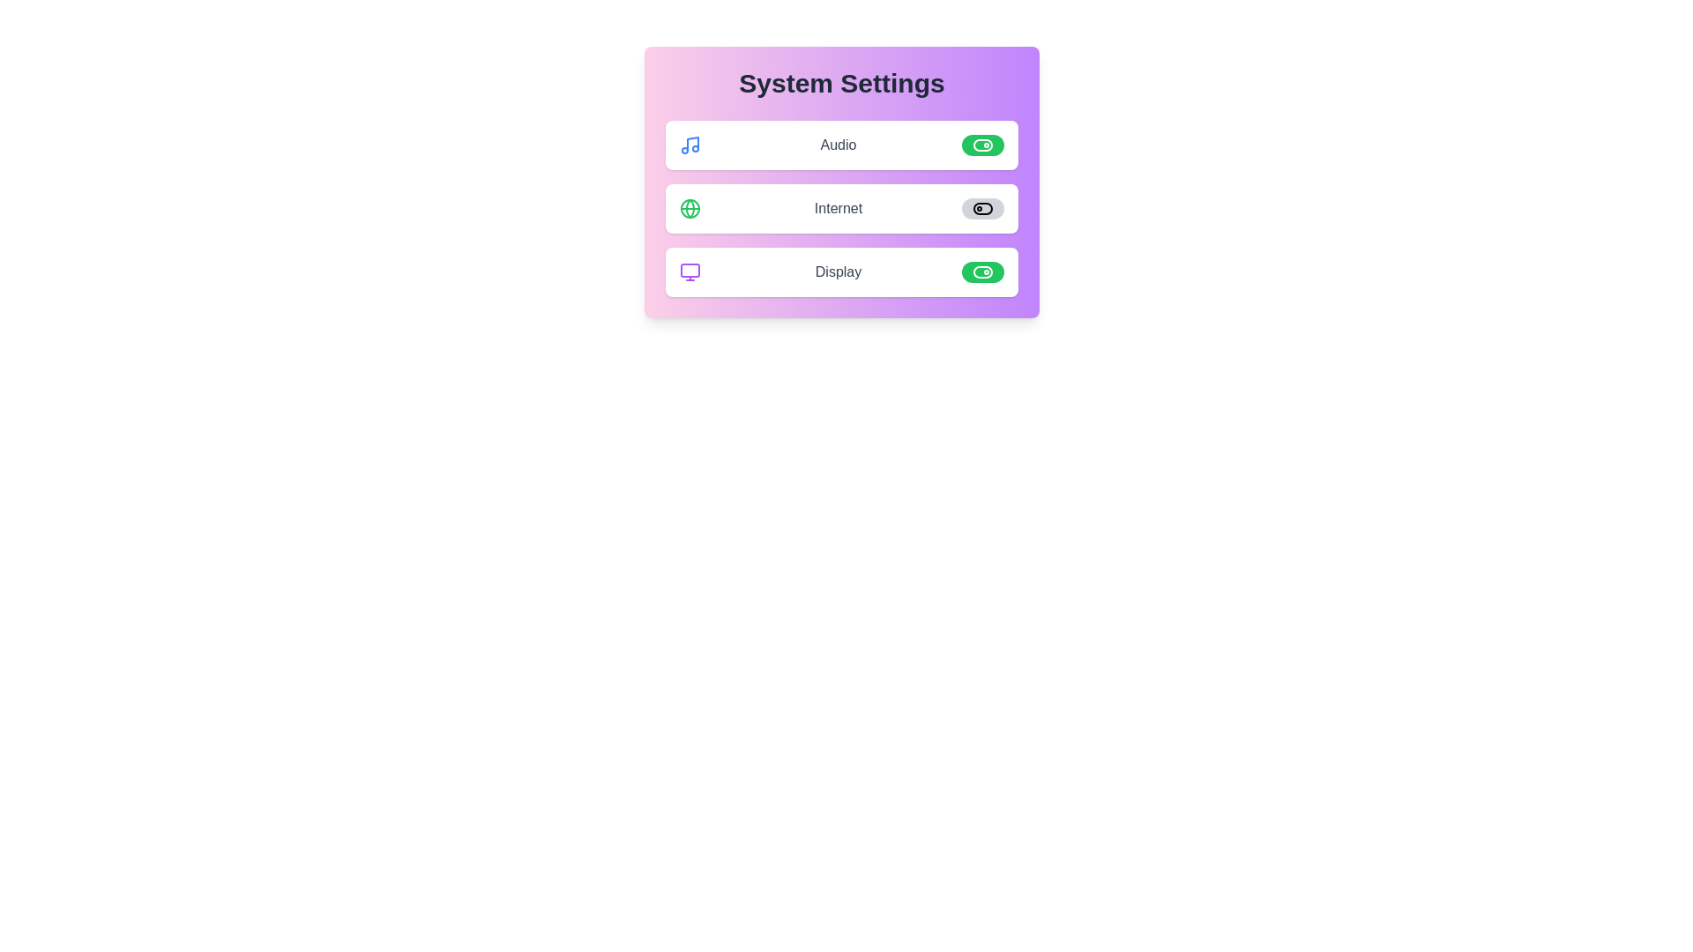 Image resolution: width=1693 pixels, height=952 pixels. What do you see at coordinates (981, 145) in the screenshot?
I see `the toggle switch with a vivid green background and white inner circle indicating 'ON' state, located within the 'Audio' section of the 'System Settings' panel` at bounding box center [981, 145].